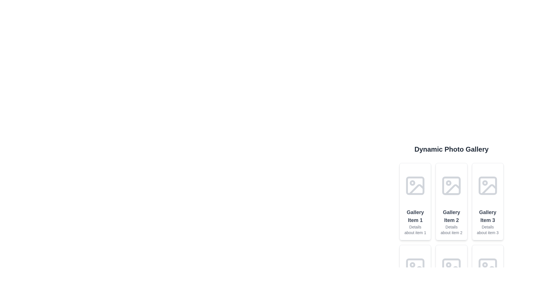  What do you see at coordinates (412, 265) in the screenshot?
I see `the small circular graphical element located inside the photo icon of the second row's first item in the gallery, labeled 'Gallery Item 4'` at bounding box center [412, 265].